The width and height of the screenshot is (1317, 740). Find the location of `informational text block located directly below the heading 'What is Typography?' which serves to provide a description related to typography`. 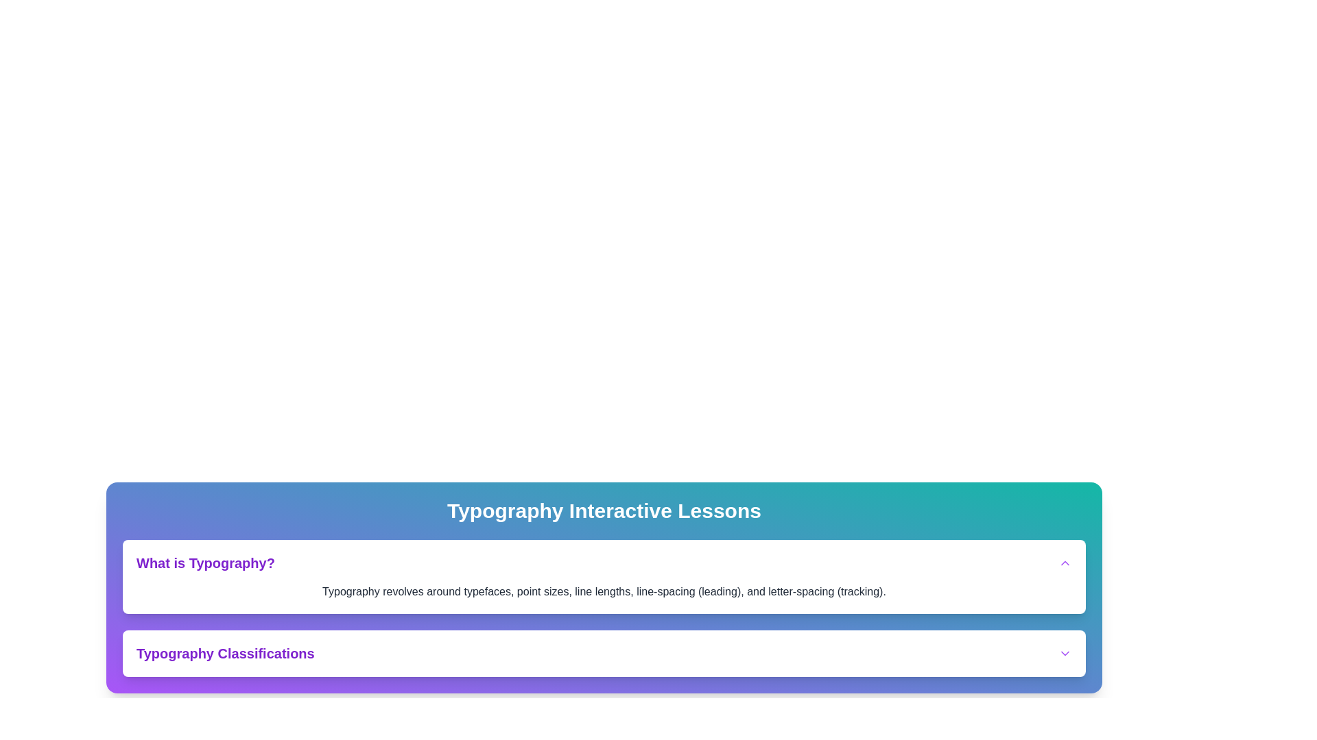

informational text block located directly below the heading 'What is Typography?' which serves to provide a description related to typography is located at coordinates (604, 591).